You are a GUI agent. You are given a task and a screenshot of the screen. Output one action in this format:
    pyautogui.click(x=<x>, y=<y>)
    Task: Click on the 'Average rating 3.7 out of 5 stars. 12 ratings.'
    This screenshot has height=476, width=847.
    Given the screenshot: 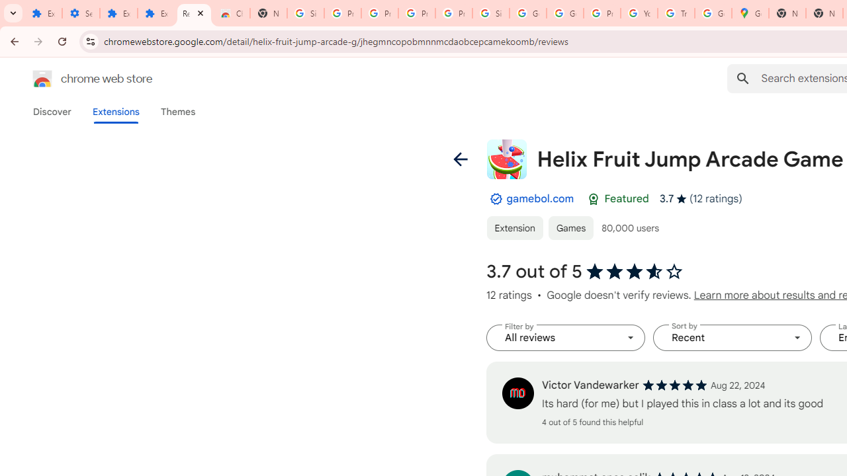 What is the action you would take?
    pyautogui.click(x=700, y=198)
    